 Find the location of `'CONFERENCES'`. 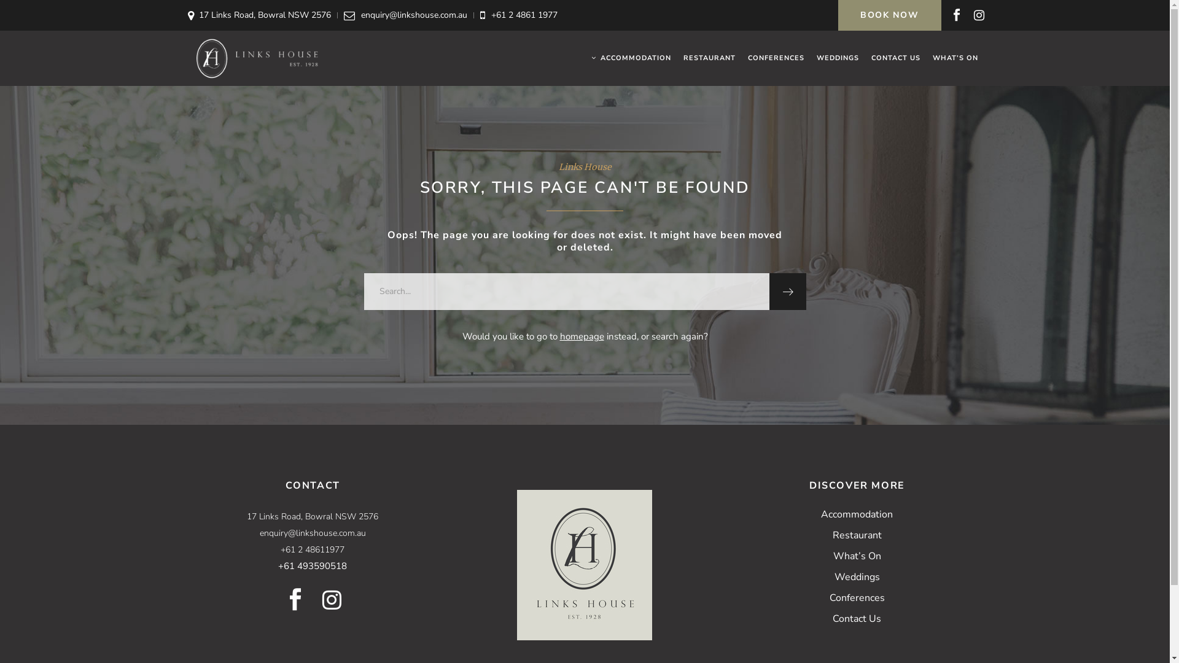

'CONFERENCES' is located at coordinates (775, 58).